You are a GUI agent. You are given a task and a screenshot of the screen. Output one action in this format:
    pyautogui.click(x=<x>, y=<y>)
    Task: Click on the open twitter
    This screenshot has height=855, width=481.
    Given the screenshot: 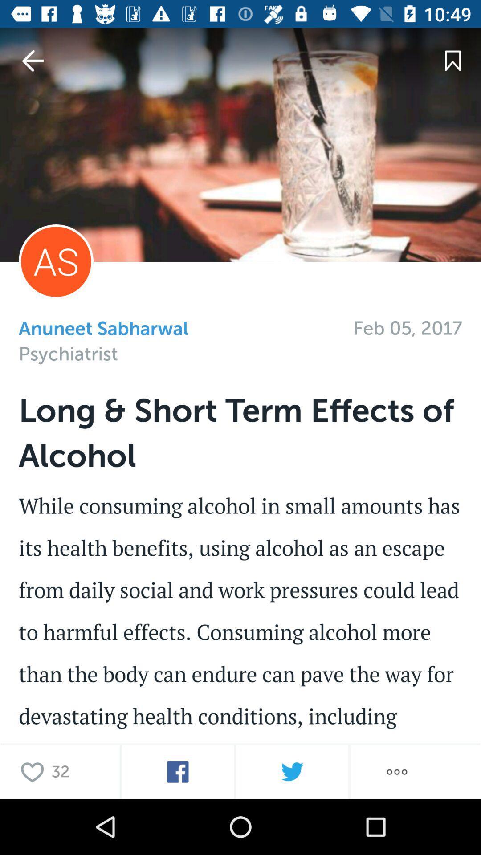 What is the action you would take?
    pyautogui.click(x=292, y=771)
    